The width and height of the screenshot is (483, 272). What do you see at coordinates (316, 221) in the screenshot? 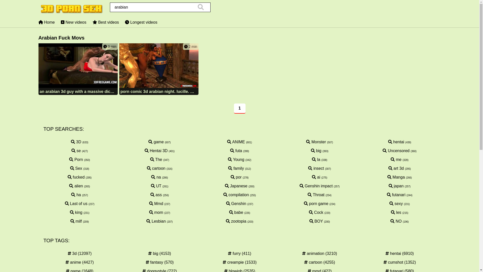
I see `'BOY'` at bounding box center [316, 221].